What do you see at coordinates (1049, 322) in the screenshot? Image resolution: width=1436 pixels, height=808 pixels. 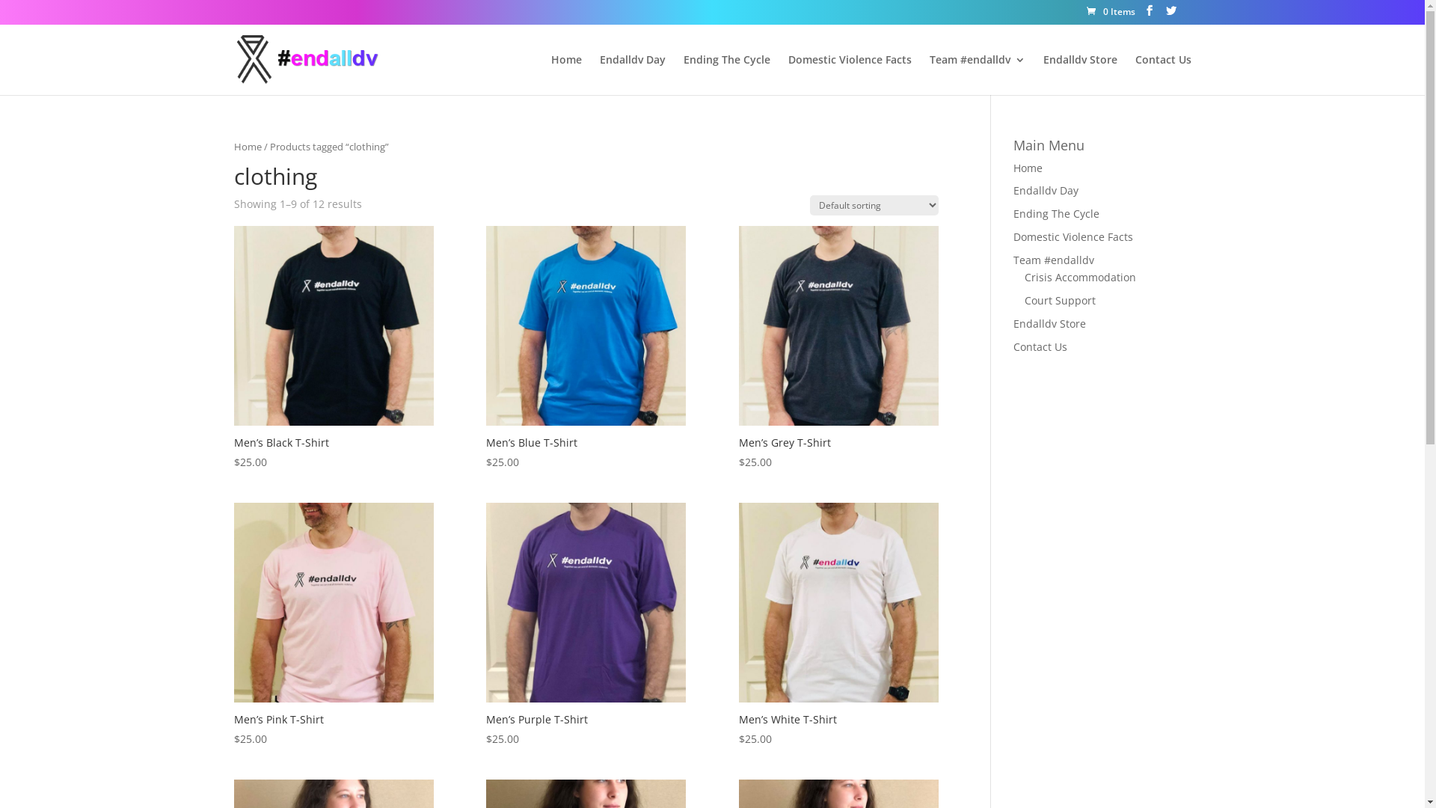 I see `'Endalldv Store'` at bounding box center [1049, 322].